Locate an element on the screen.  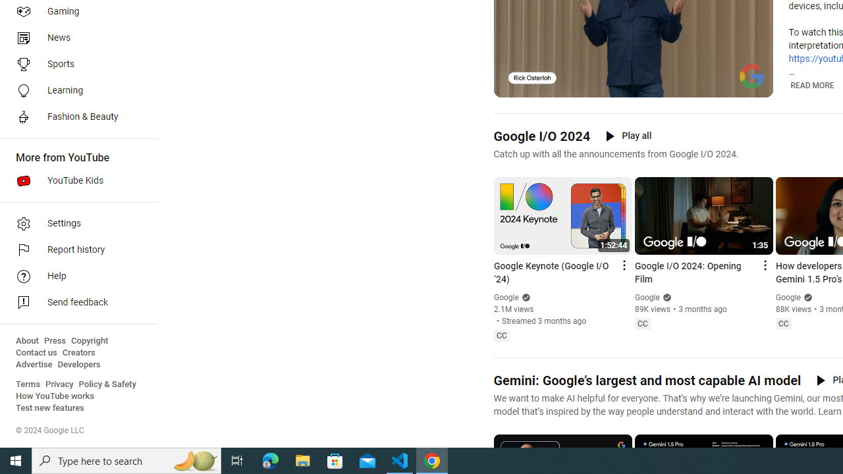
'Pause (k)' is located at coordinates (512, 86).